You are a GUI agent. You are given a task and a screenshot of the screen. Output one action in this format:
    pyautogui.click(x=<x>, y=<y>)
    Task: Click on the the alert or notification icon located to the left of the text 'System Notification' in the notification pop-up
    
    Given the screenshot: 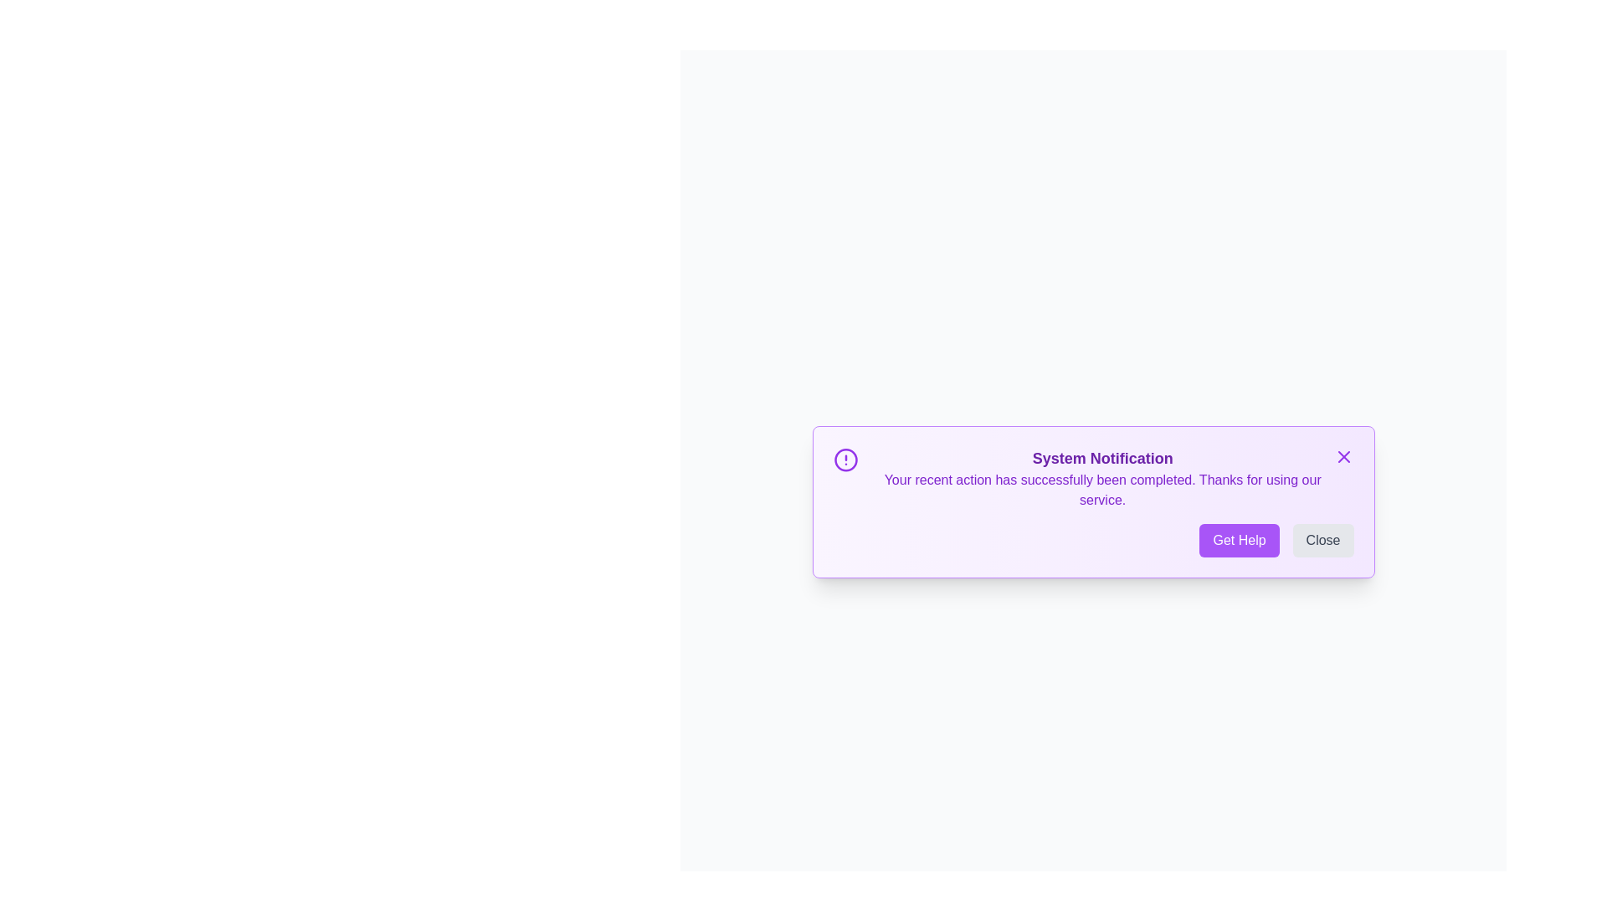 What is the action you would take?
    pyautogui.click(x=845, y=460)
    